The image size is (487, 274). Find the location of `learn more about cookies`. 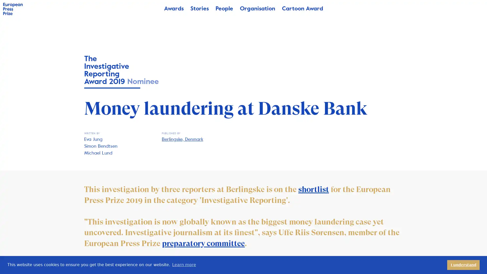

learn more about cookies is located at coordinates (184, 265).